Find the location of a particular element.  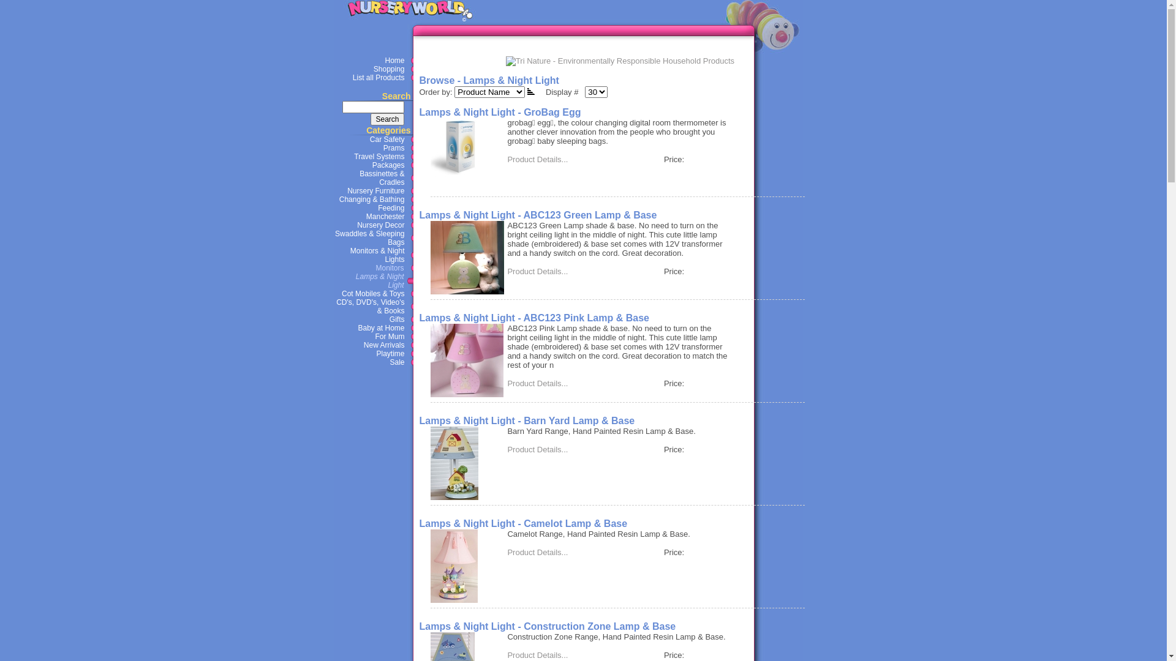

'Manchester' is located at coordinates (372, 216).